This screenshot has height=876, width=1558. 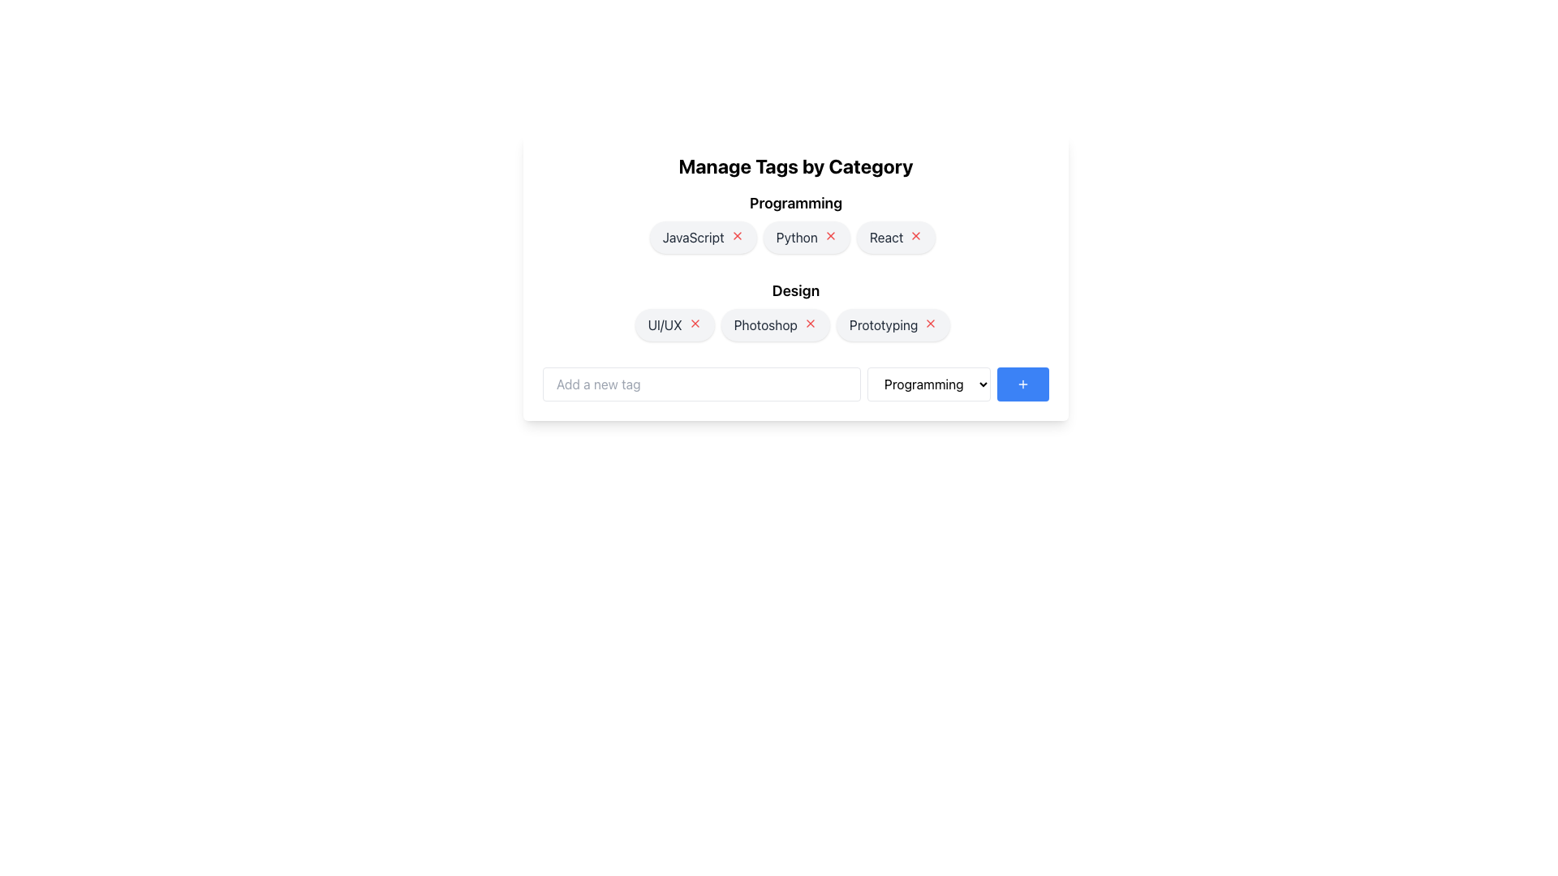 What do you see at coordinates (1022, 384) in the screenshot?
I see `the 'plus' sign icon within the blue button located at the far right of the input area` at bounding box center [1022, 384].